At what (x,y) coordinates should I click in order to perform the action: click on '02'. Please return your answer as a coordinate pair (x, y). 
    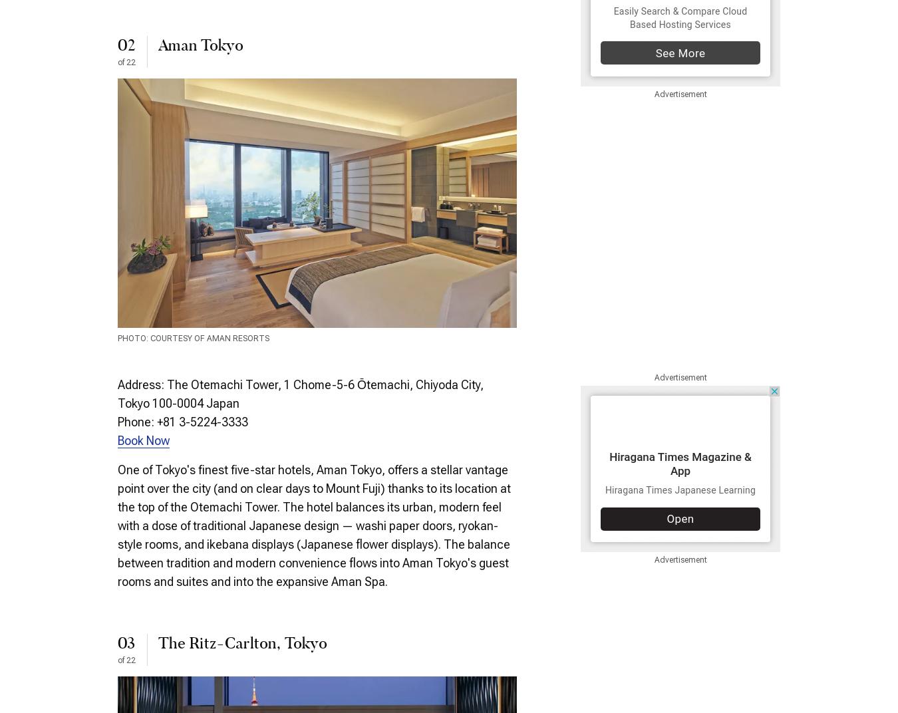
    Looking at the image, I should click on (117, 46).